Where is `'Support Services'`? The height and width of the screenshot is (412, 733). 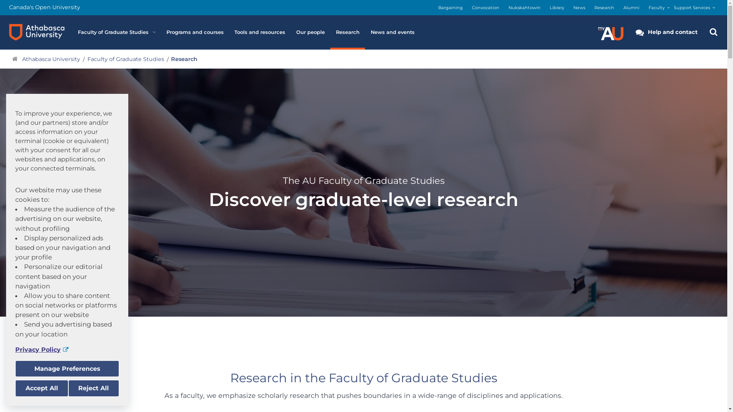 'Support Services' is located at coordinates (692, 8).